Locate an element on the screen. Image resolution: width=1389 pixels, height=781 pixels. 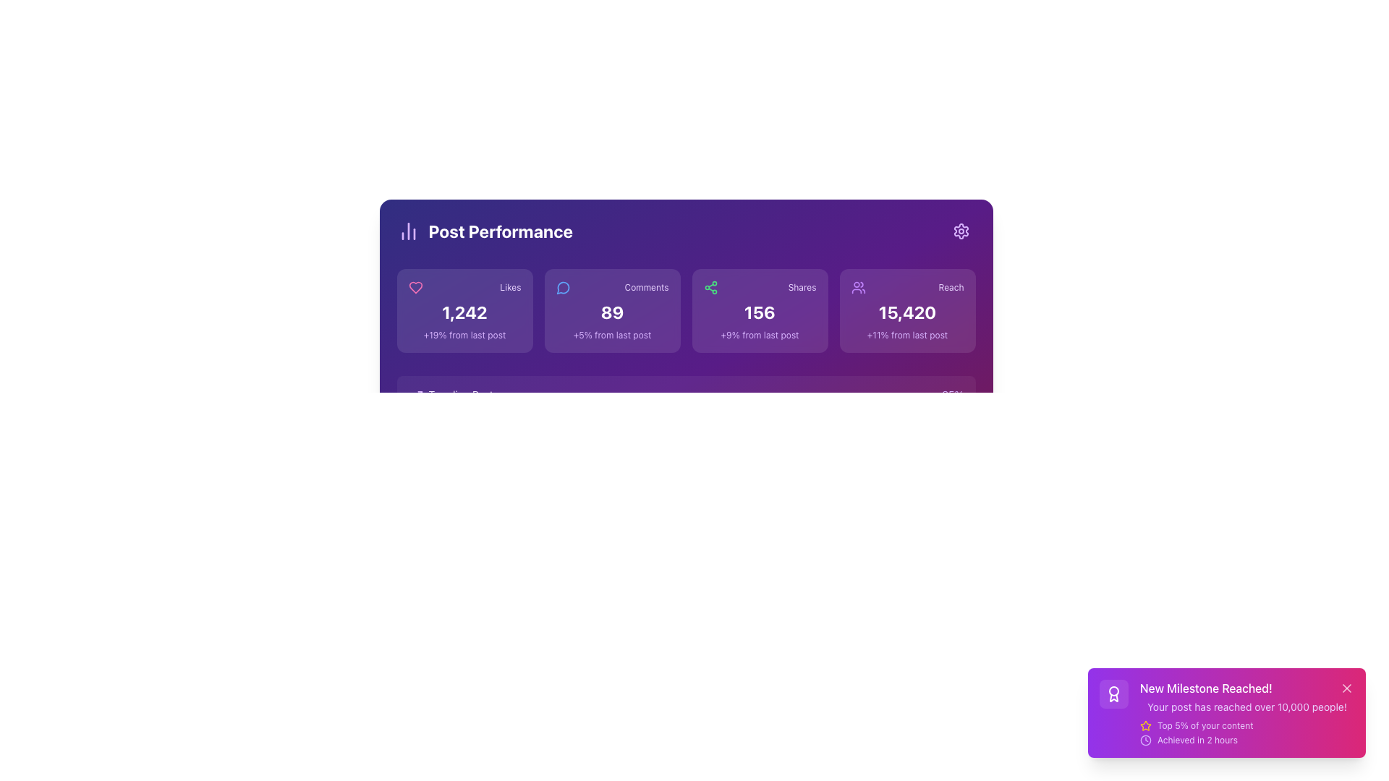
the text element displaying the current reach count, located in the rightmost card below the 'Reach' heading and above the '+11% from last post' caption is located at coordinates (906, 312).